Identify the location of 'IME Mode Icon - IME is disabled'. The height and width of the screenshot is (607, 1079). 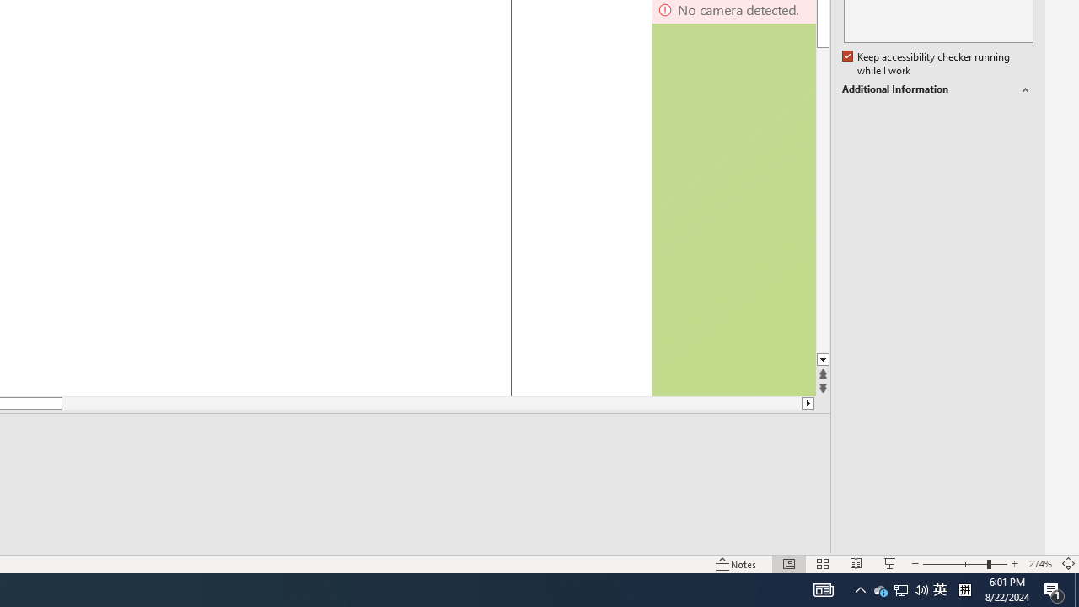
(939, 588).